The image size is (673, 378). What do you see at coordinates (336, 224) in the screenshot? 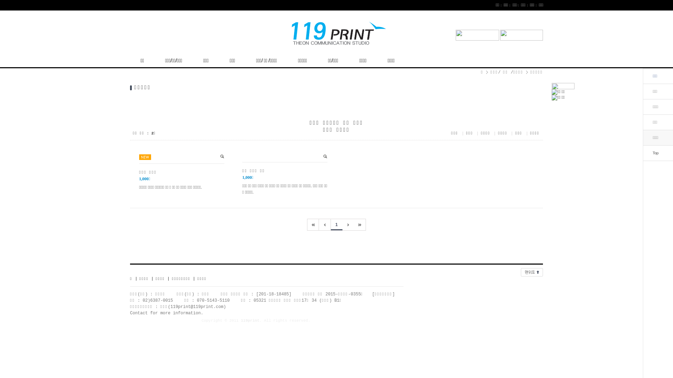
I see `'1'` at bounding box center [336, 224].